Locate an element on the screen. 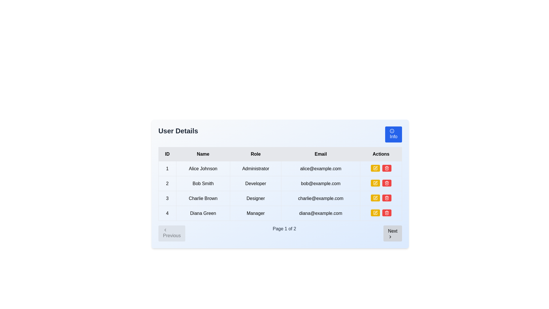 The width and height of the screenshot is (549, 309). the trash can icon component in the 'Actions' column of the user data table corresponding to 'Diana Green' is located at coordinates (387, 213).